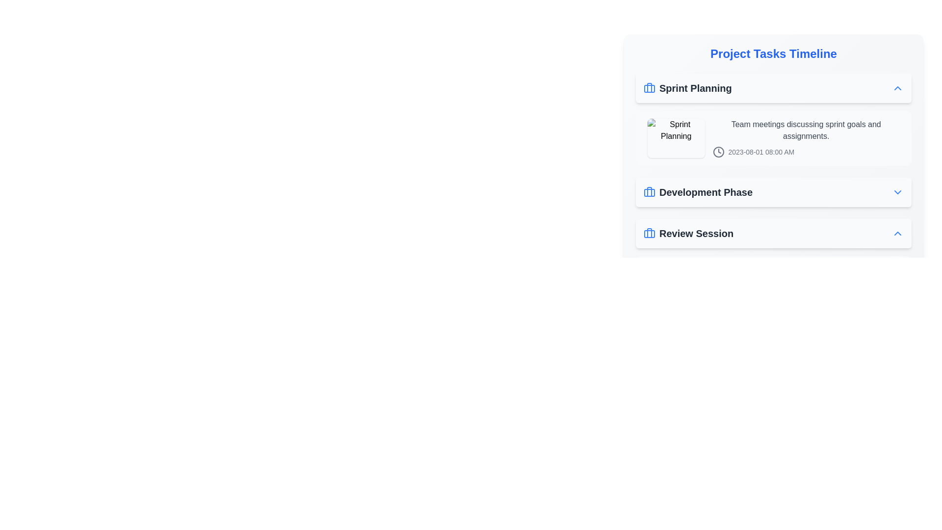 This screenshot has height=530, width=942. Describe the element at coordinates (650, 191) in the screenshot. I see `the vertical line decorative component of the suitcase icon, which is positioned centrally within the icon to the left of the 'Sprint Planning' text` at that location.